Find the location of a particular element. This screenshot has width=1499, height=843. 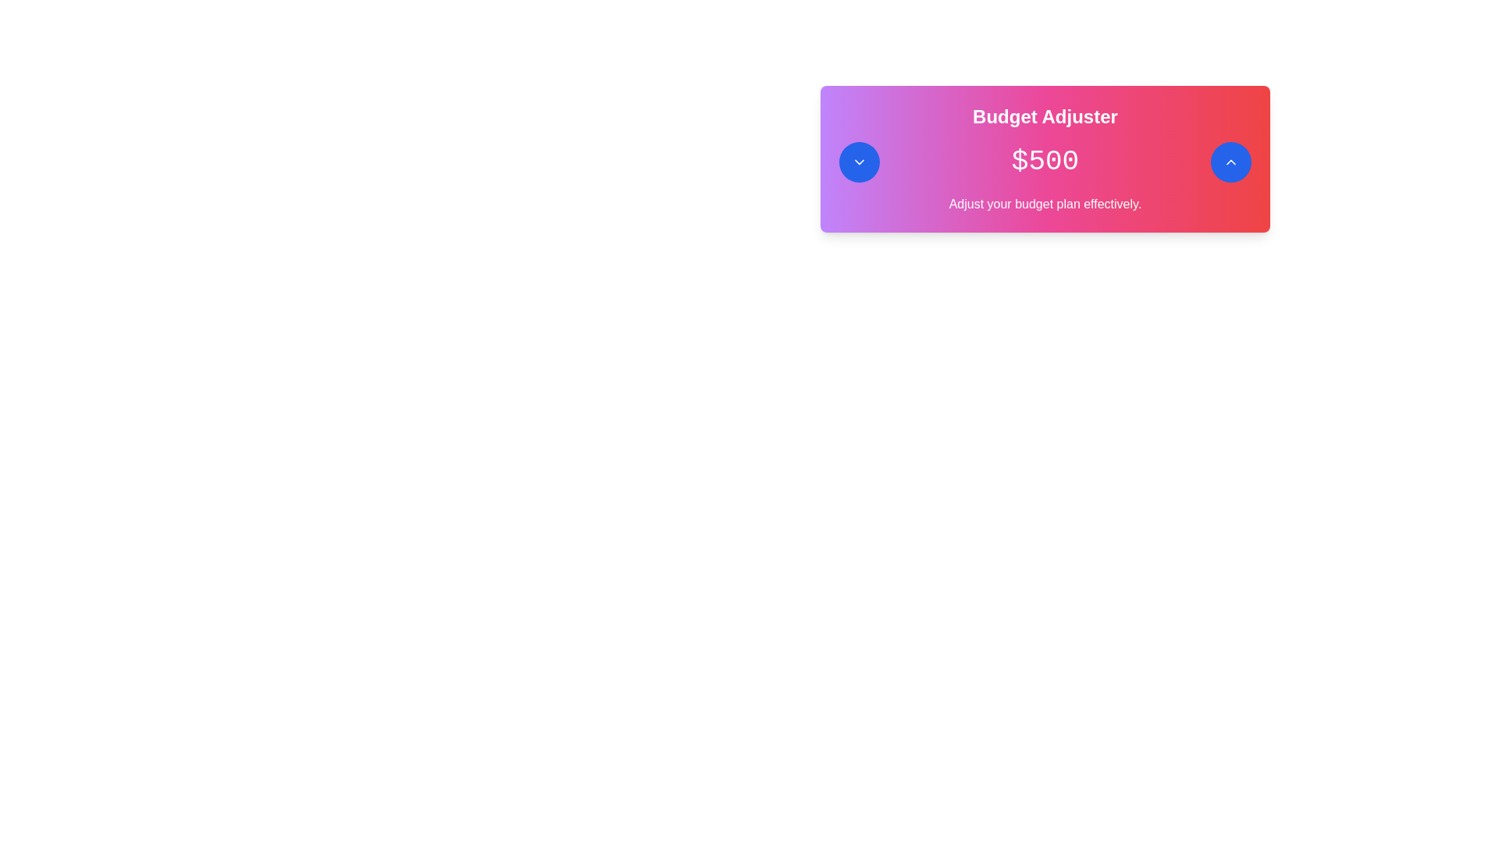

the text label that provides context for budgeting operations, located beneath the 'Budget Adjuster' heading and the value '$500' is located at coordinates (1045, 204).